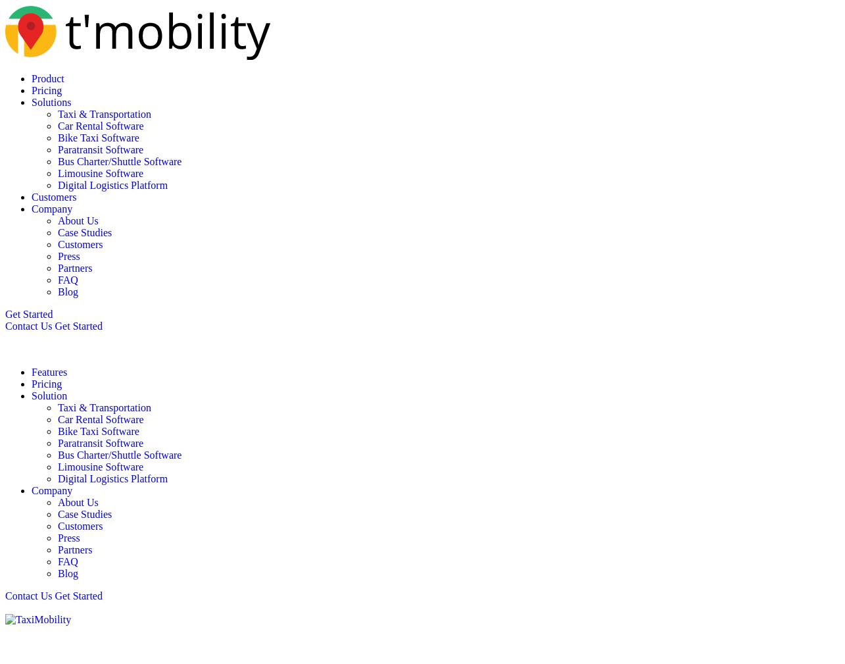  Describe the element at coordinates (47, 78) in the screenshot. I see `'Product'` at that location.